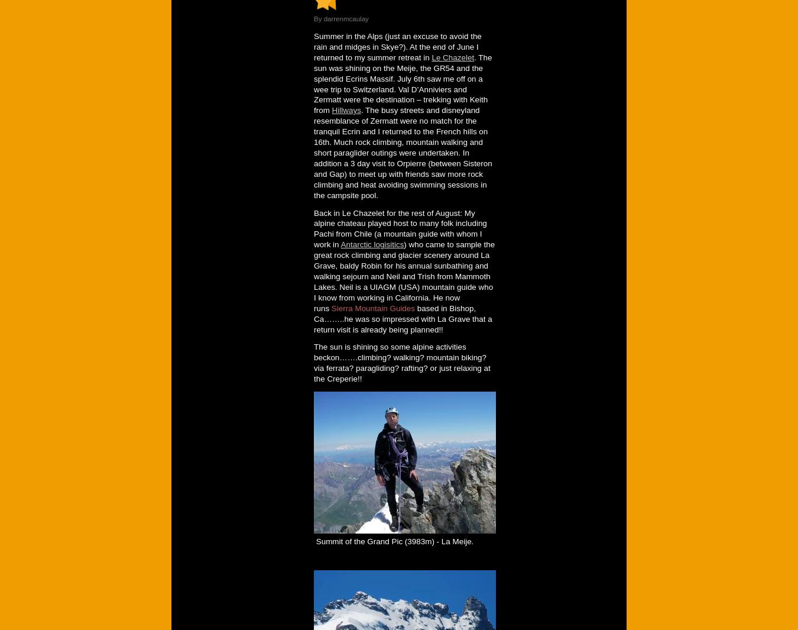 Image resolution: width=798 pixels, height=630 pixels. What do you see at coordinates (452, 56) in the screenshot?
I see `'Le Chazelet'` at bounding box center [452, 56].